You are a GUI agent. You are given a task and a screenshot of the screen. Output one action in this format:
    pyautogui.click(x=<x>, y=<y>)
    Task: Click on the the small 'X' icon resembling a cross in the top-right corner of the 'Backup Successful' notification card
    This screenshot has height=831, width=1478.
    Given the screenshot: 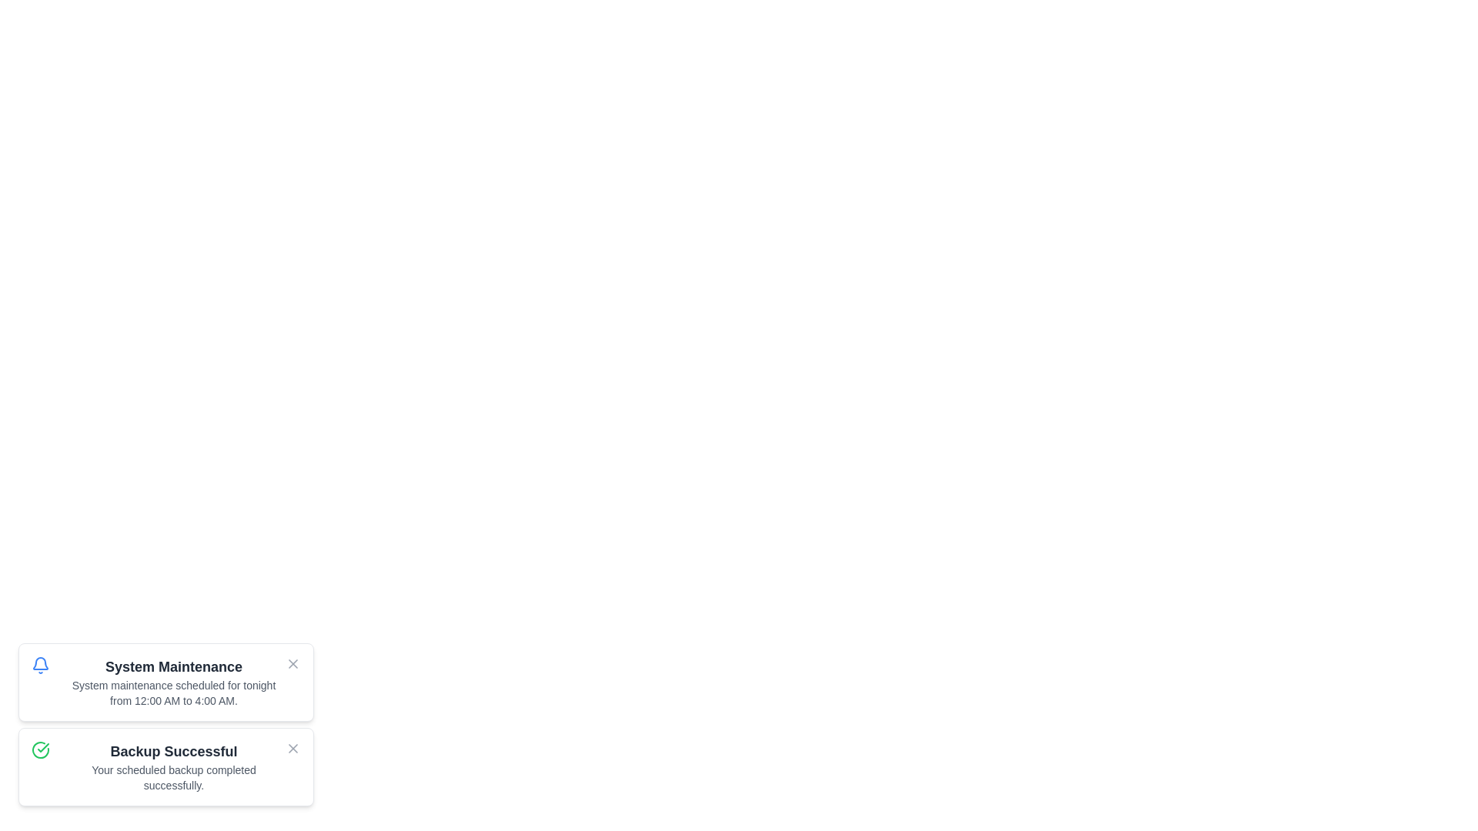 What is the action you would take?
    pyautogui.click(x=293, y=747)
    